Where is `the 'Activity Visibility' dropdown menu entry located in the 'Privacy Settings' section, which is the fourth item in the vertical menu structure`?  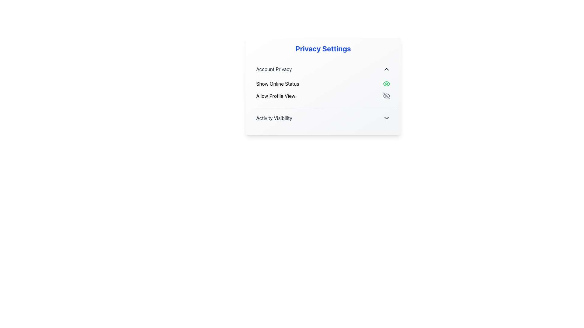 the 'Activity Visibility' dropdown menu entry located in the 'Privacy Settings' section, which is the fourth item in the vertical menu structure is located at coordinates (323, 118).